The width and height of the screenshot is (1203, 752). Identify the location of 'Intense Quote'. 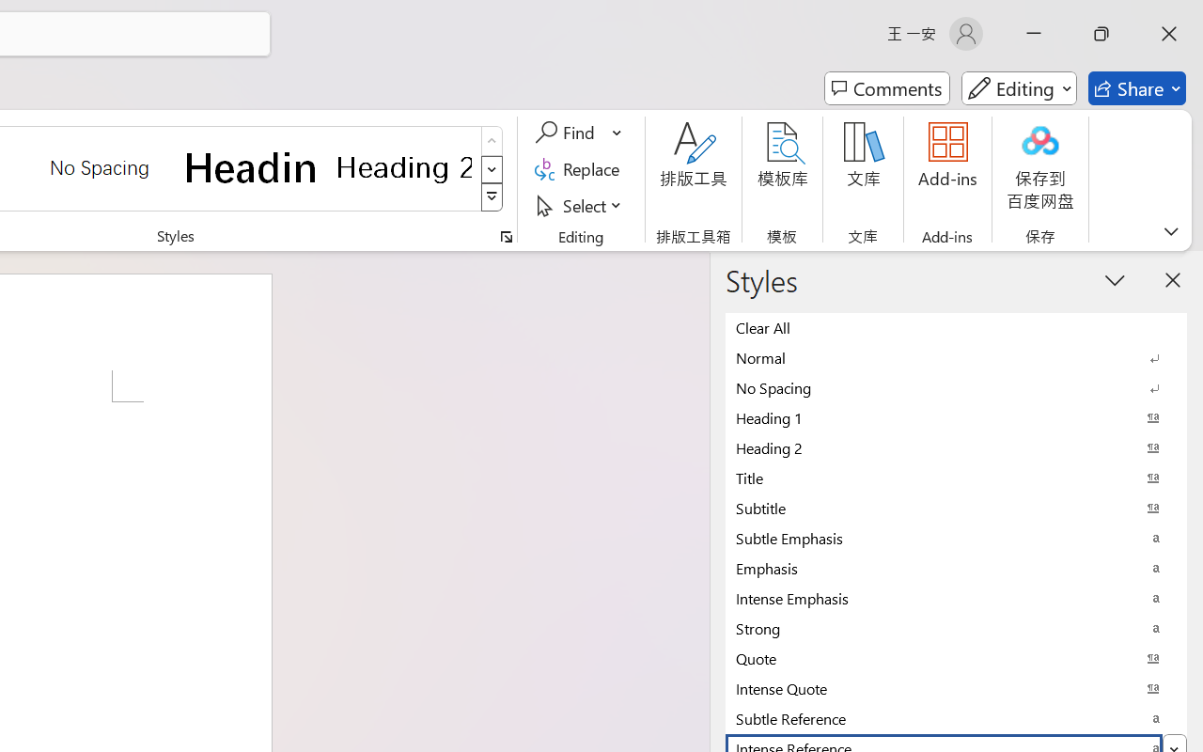
(956, 687).